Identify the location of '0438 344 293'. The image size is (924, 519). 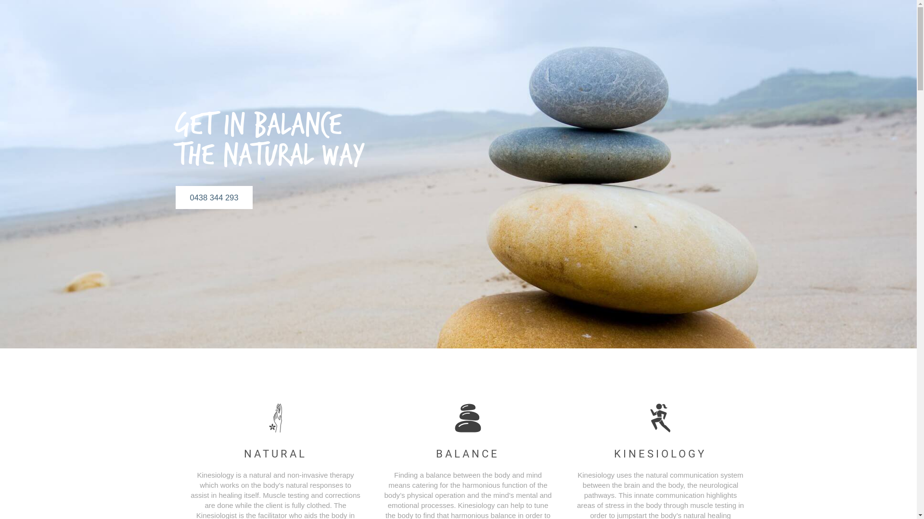
(213, 197).